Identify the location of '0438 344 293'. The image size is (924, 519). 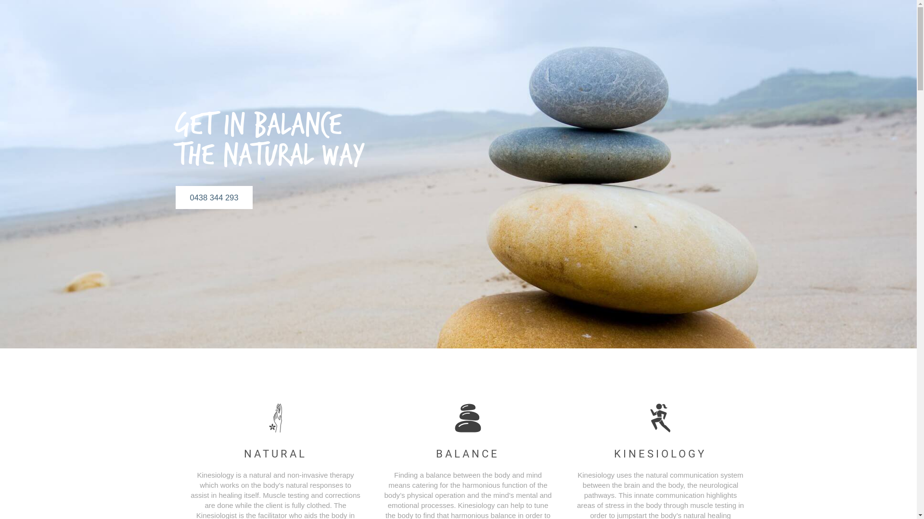
(213, 197).